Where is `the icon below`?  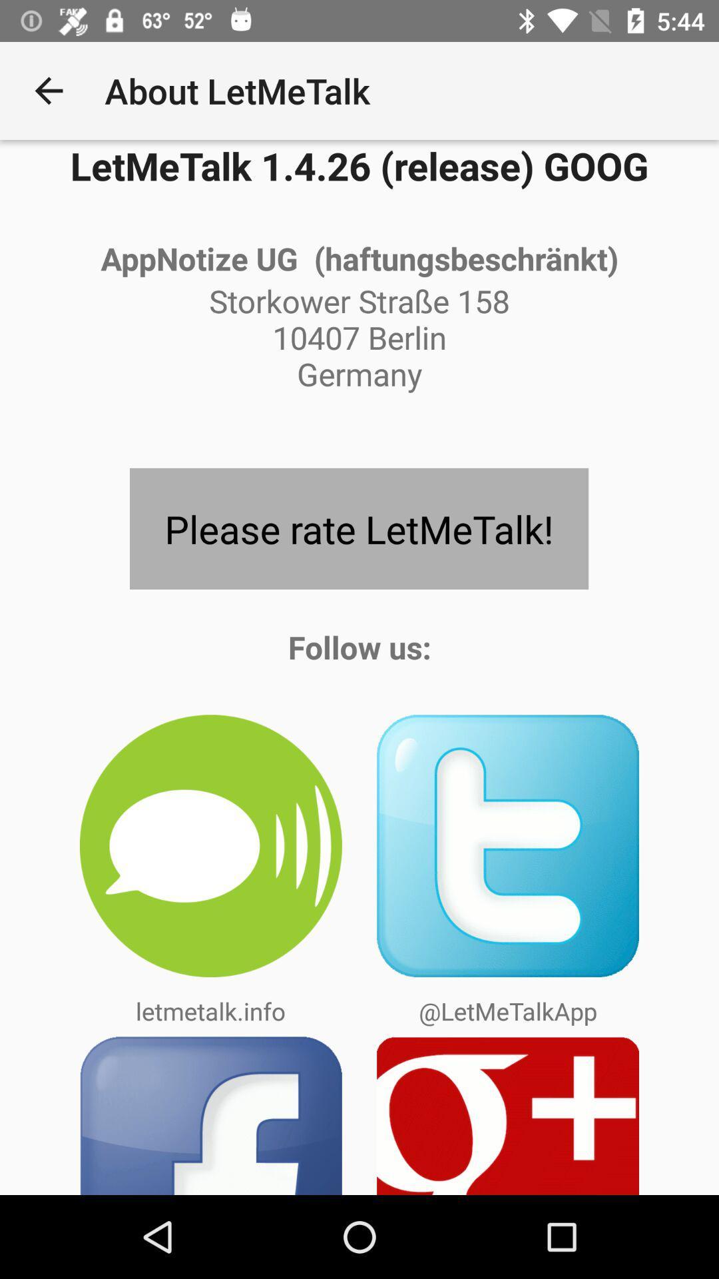
the icon below is located at coordinates (210, 845).